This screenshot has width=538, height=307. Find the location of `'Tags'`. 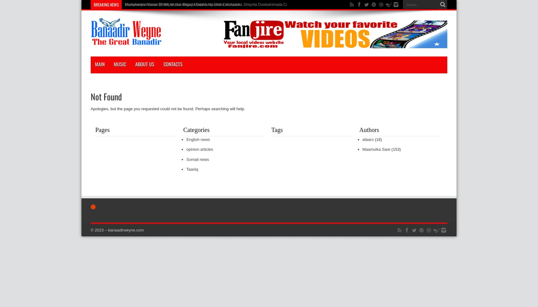

'Tags' is located at coordinates (276, 130).